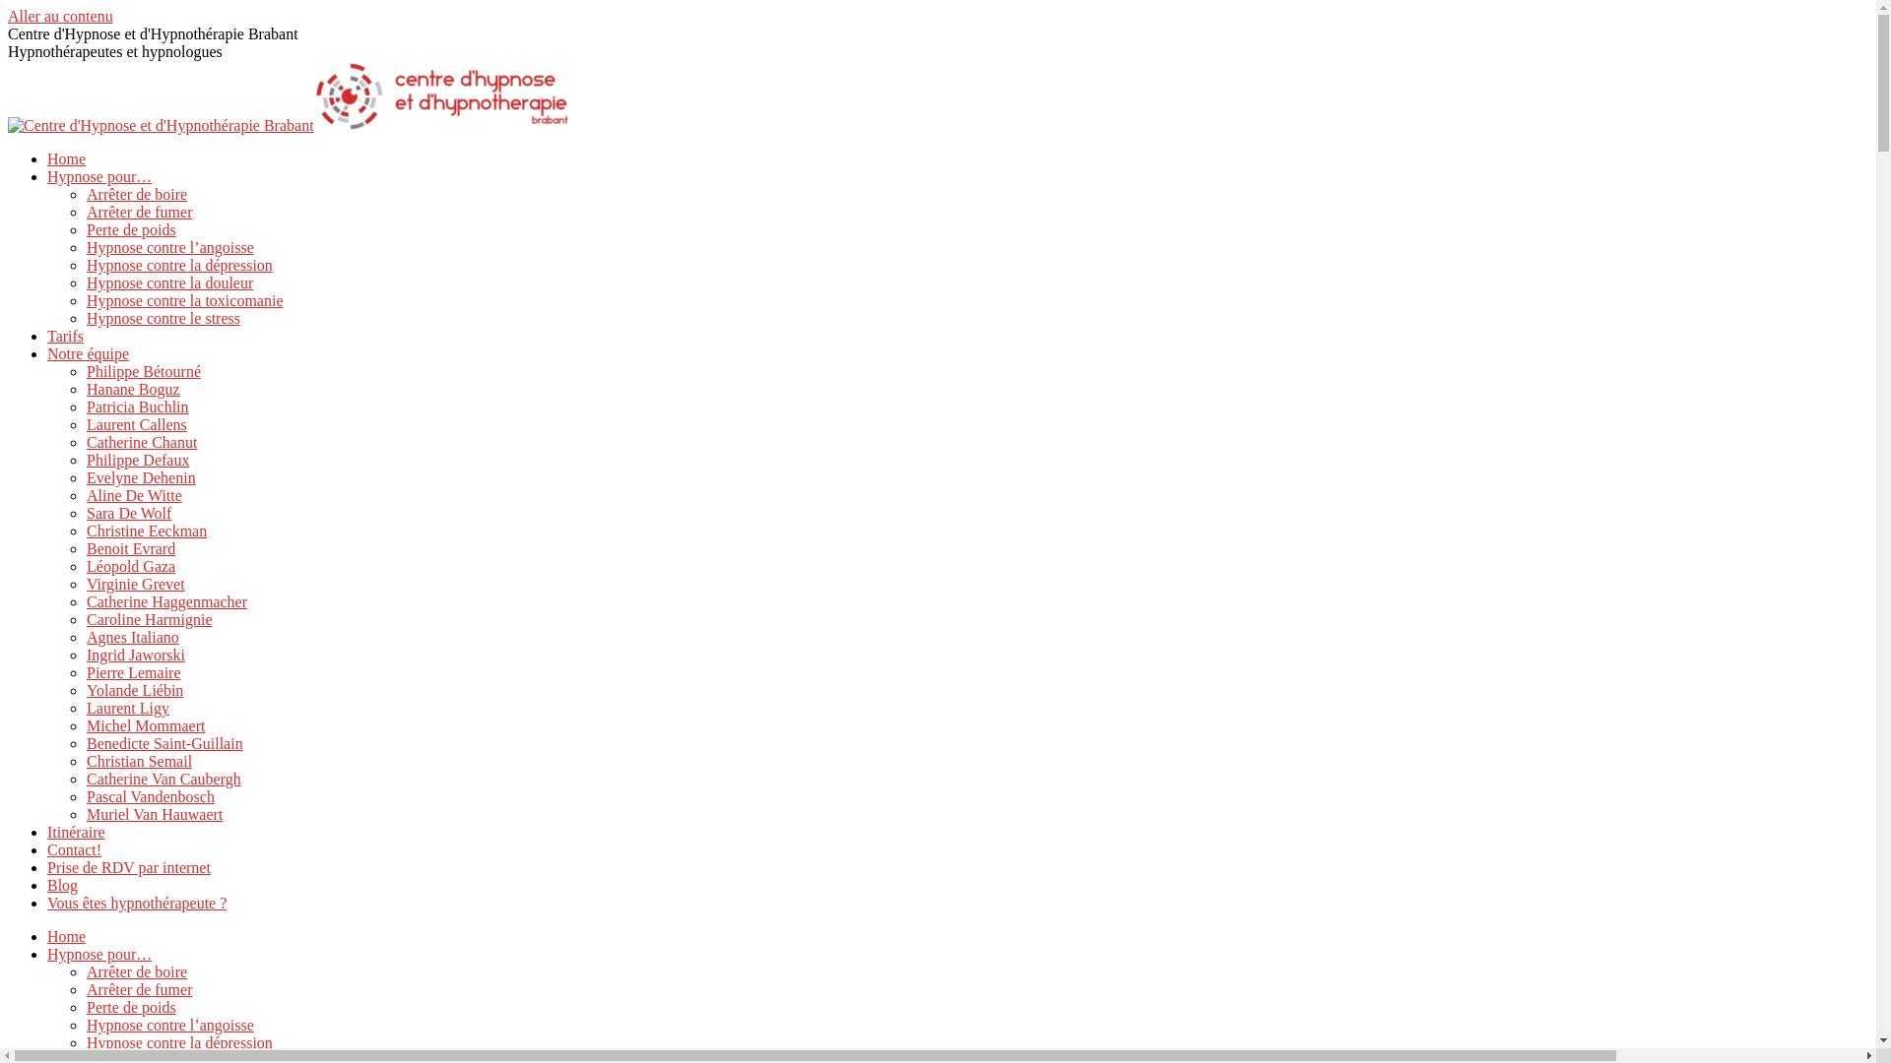  What do you see at coordinates (85, 512) in the screenshot?
I see `'Sara De Wolf'` at bounding box center [85, 512].